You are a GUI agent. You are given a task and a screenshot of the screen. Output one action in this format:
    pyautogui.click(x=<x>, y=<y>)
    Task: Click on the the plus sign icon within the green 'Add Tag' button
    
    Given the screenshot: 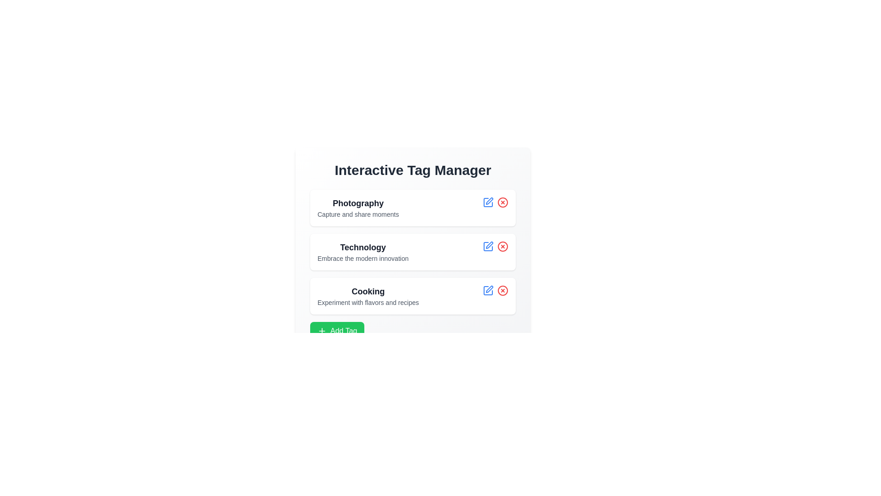 What is the action you would take?
    pyautogui.click(x=322, y=331)
    